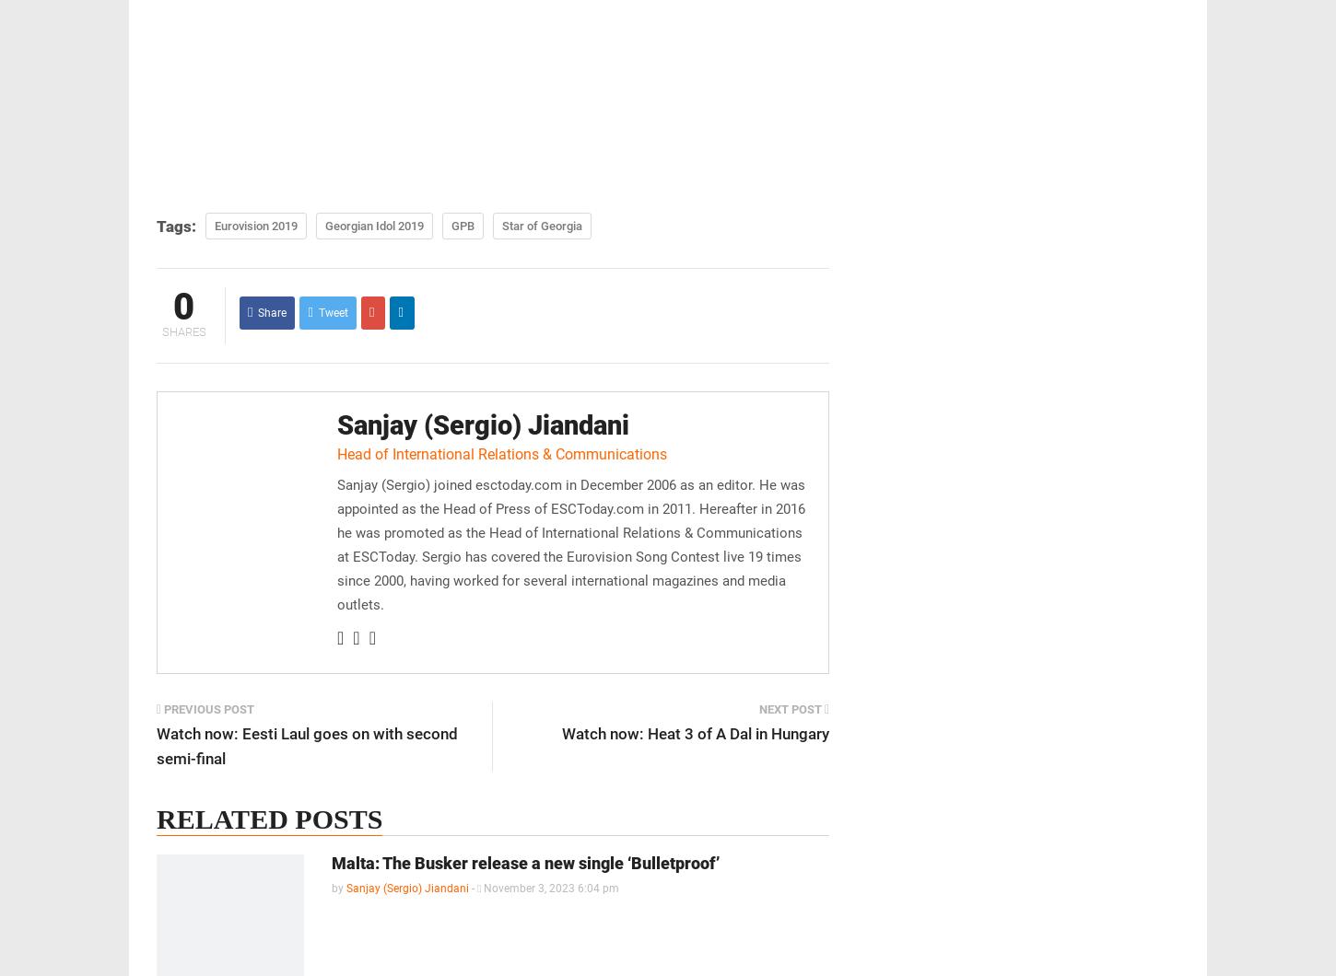 The height and width of the screenshot is (976, 1336). I want to click on 'Related posts', so click(269, 819).